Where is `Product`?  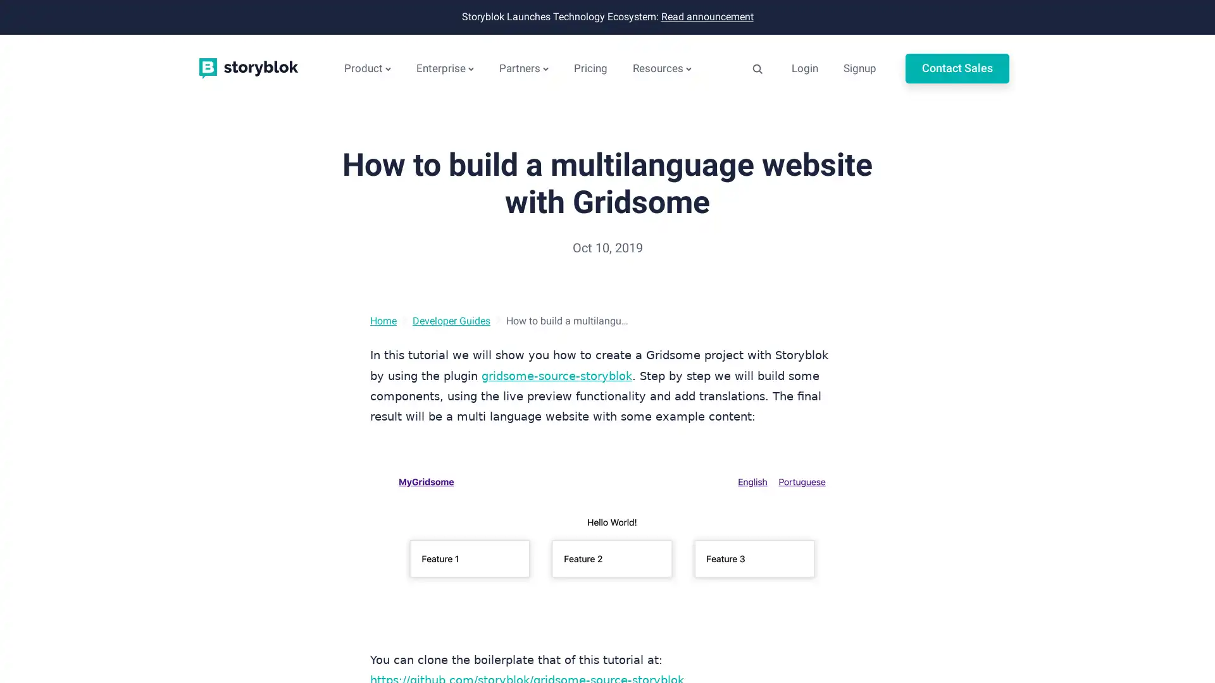 Product is located at coordinates (366, 68).